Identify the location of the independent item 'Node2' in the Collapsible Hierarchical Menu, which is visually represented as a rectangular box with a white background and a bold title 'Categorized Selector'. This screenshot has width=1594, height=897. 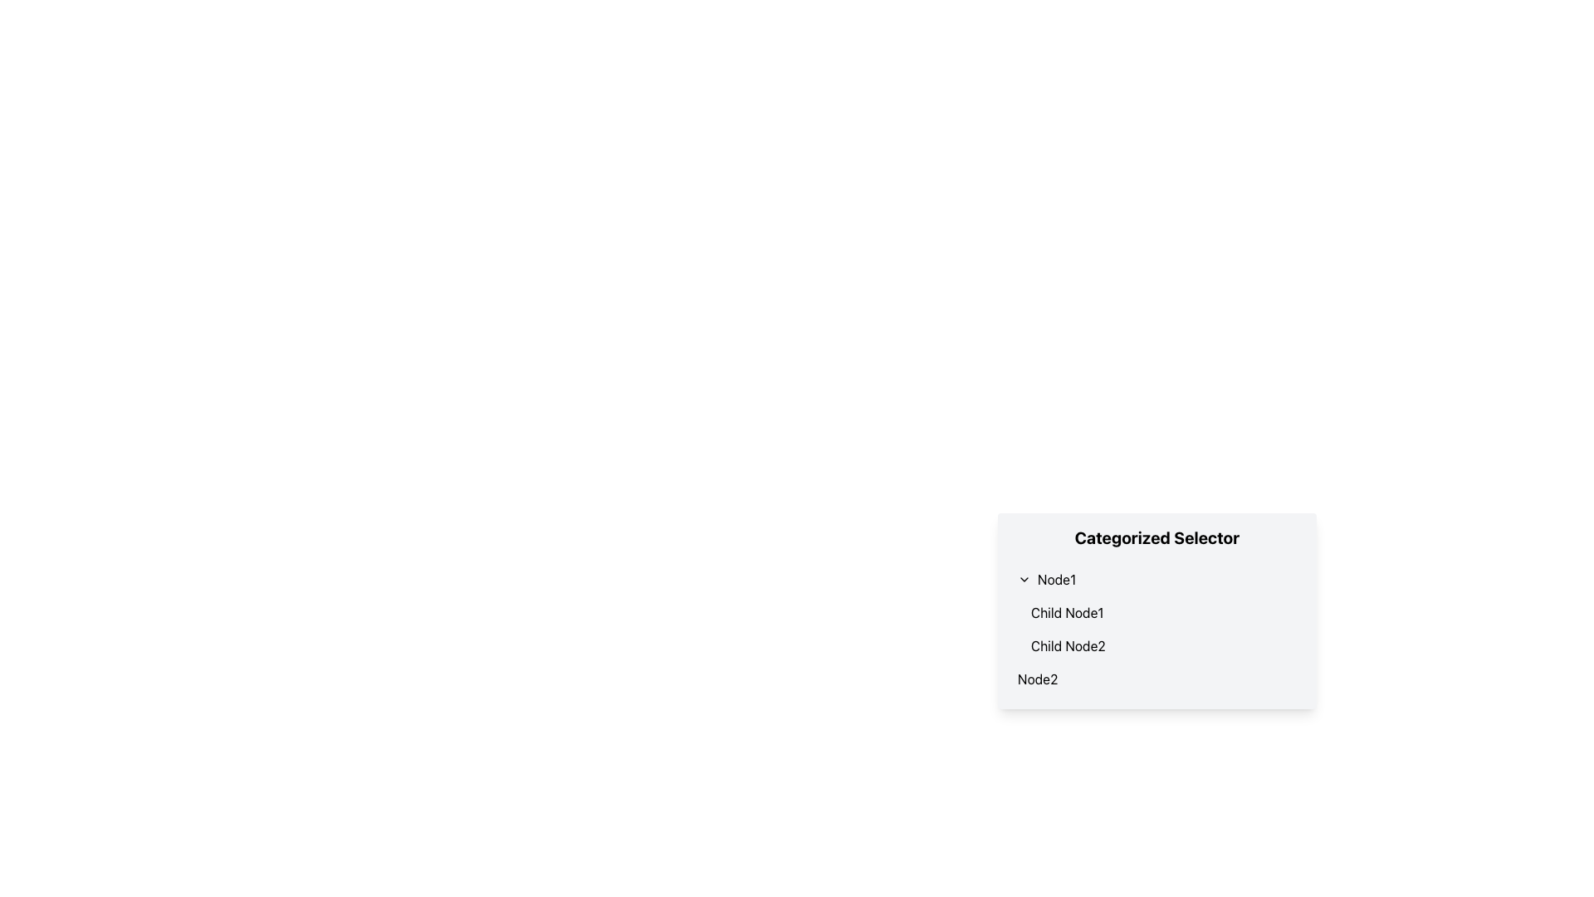
(1161, 684).